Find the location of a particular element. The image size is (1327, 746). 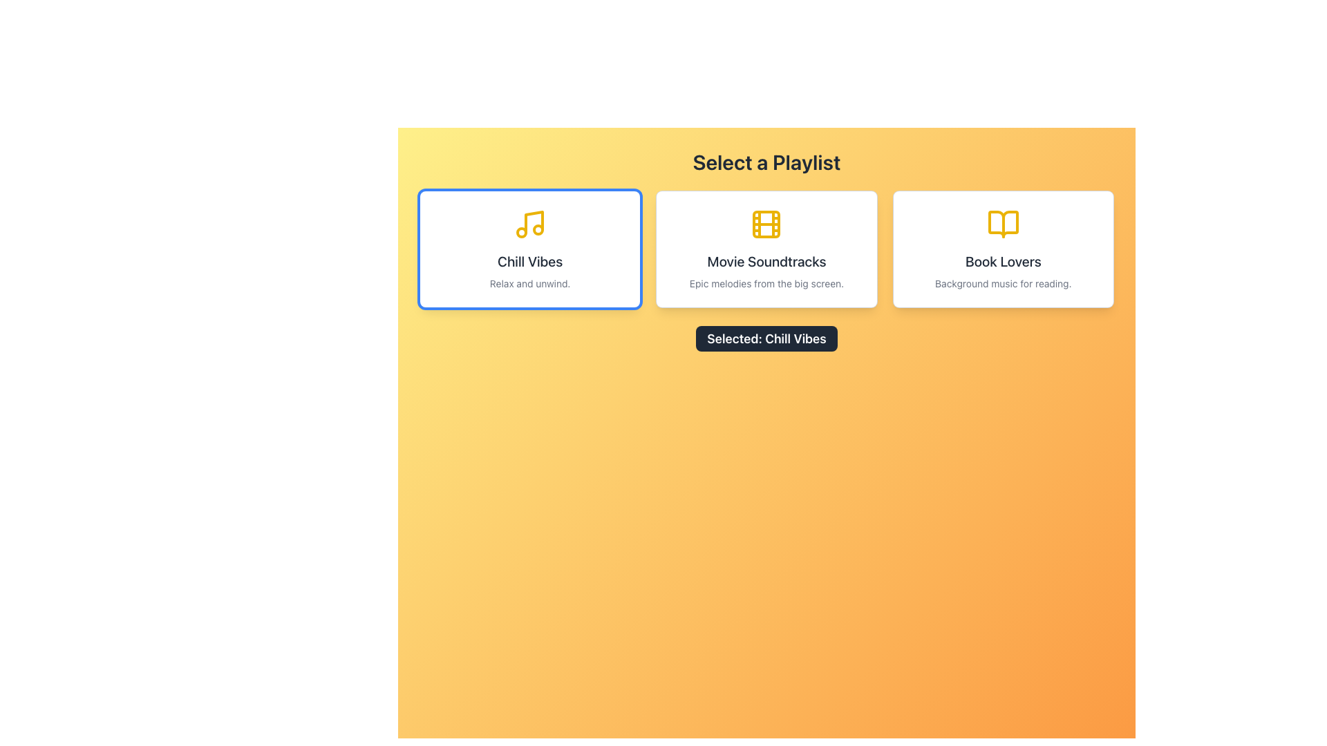

the yellow film reel icon located in the center of the 'Movie Soundtracks' selection card is located at coordinates (766, 223).